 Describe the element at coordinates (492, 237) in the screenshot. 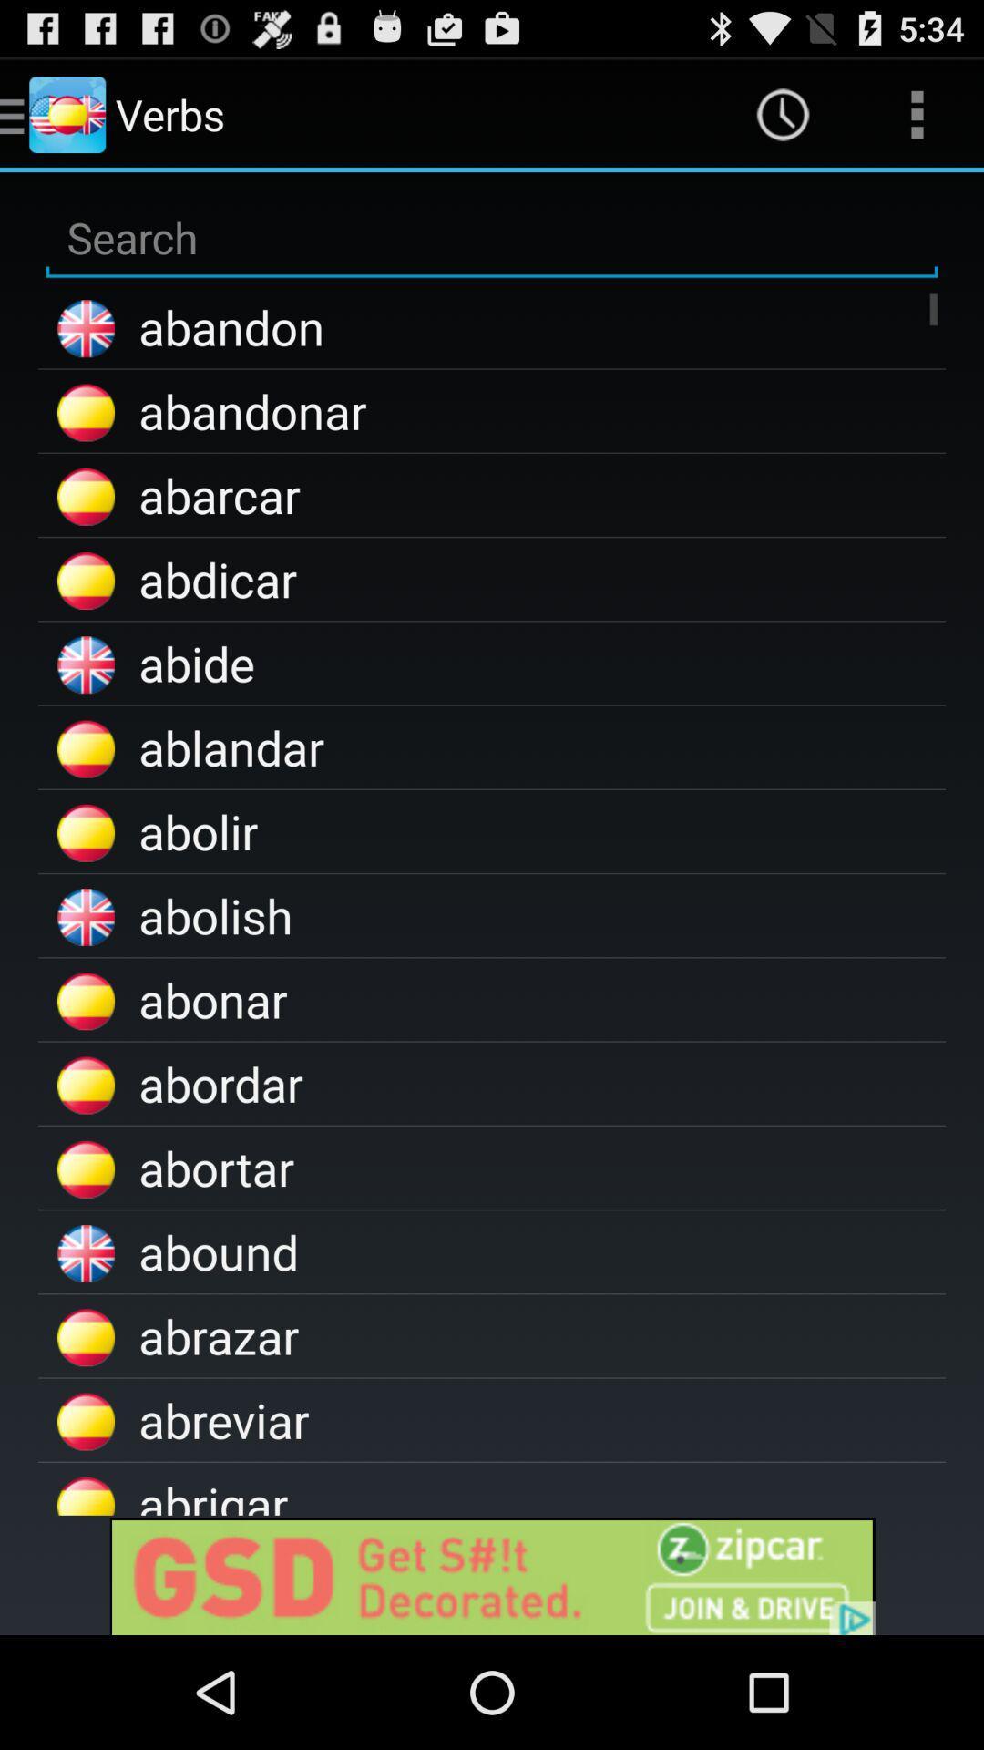

I see `type for a search` at that location.